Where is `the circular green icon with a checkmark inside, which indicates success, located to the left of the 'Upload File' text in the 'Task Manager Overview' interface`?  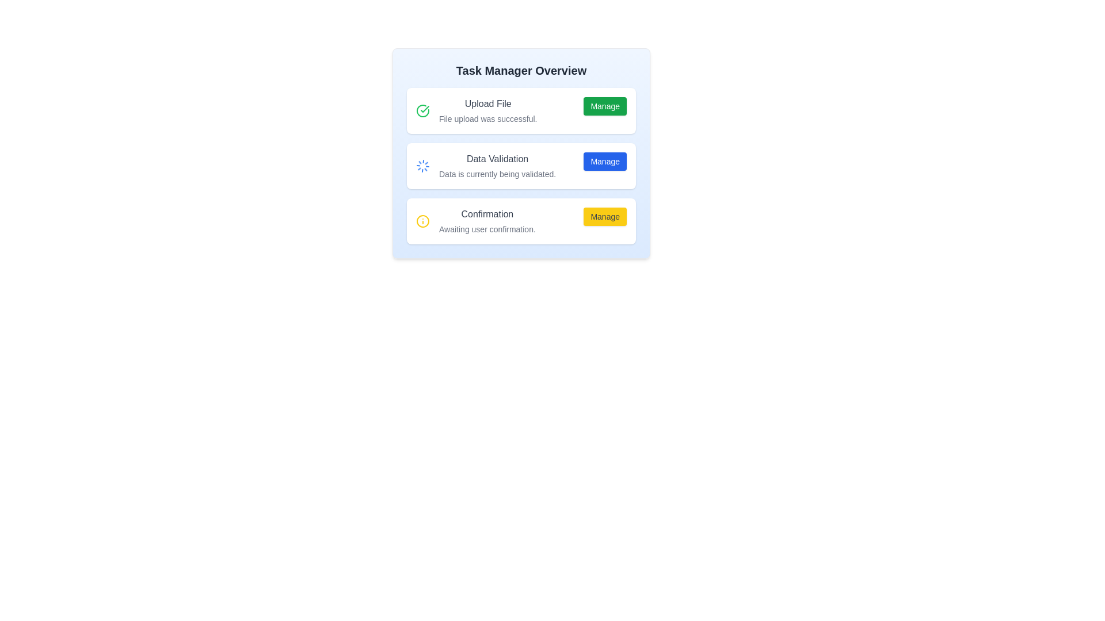 the circular green icon with a checkmark inside, which indicates success, located to the left of the 'Upload File' text in the 'Task Manager Overview' interface is located at coordinates (422, 110).